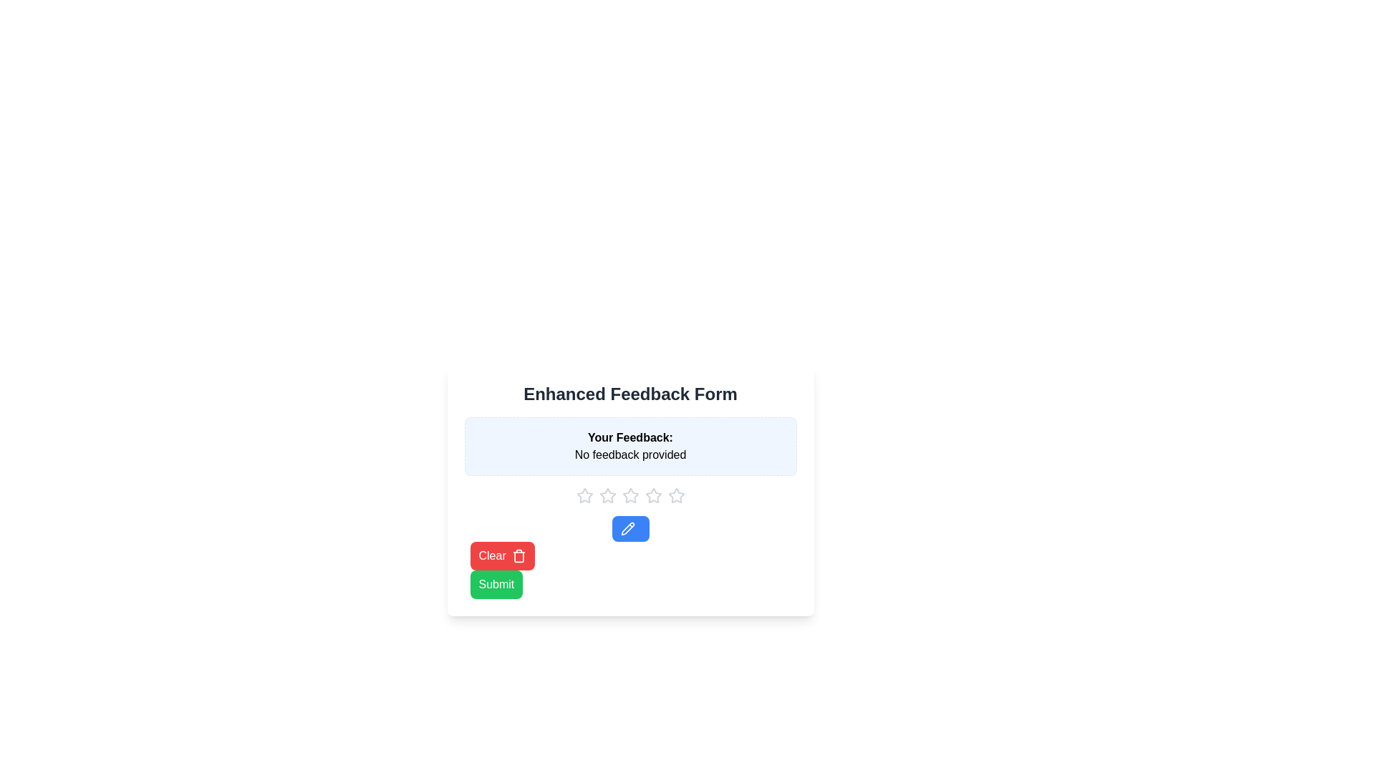 The width and height of the screenshot is (1375, 773). I want to click on the leftmost star rating icon, which is a light gray, hollow star with a thin border, located below the section titled 'Your Feedback: No feedback provided', so click(584, 495).